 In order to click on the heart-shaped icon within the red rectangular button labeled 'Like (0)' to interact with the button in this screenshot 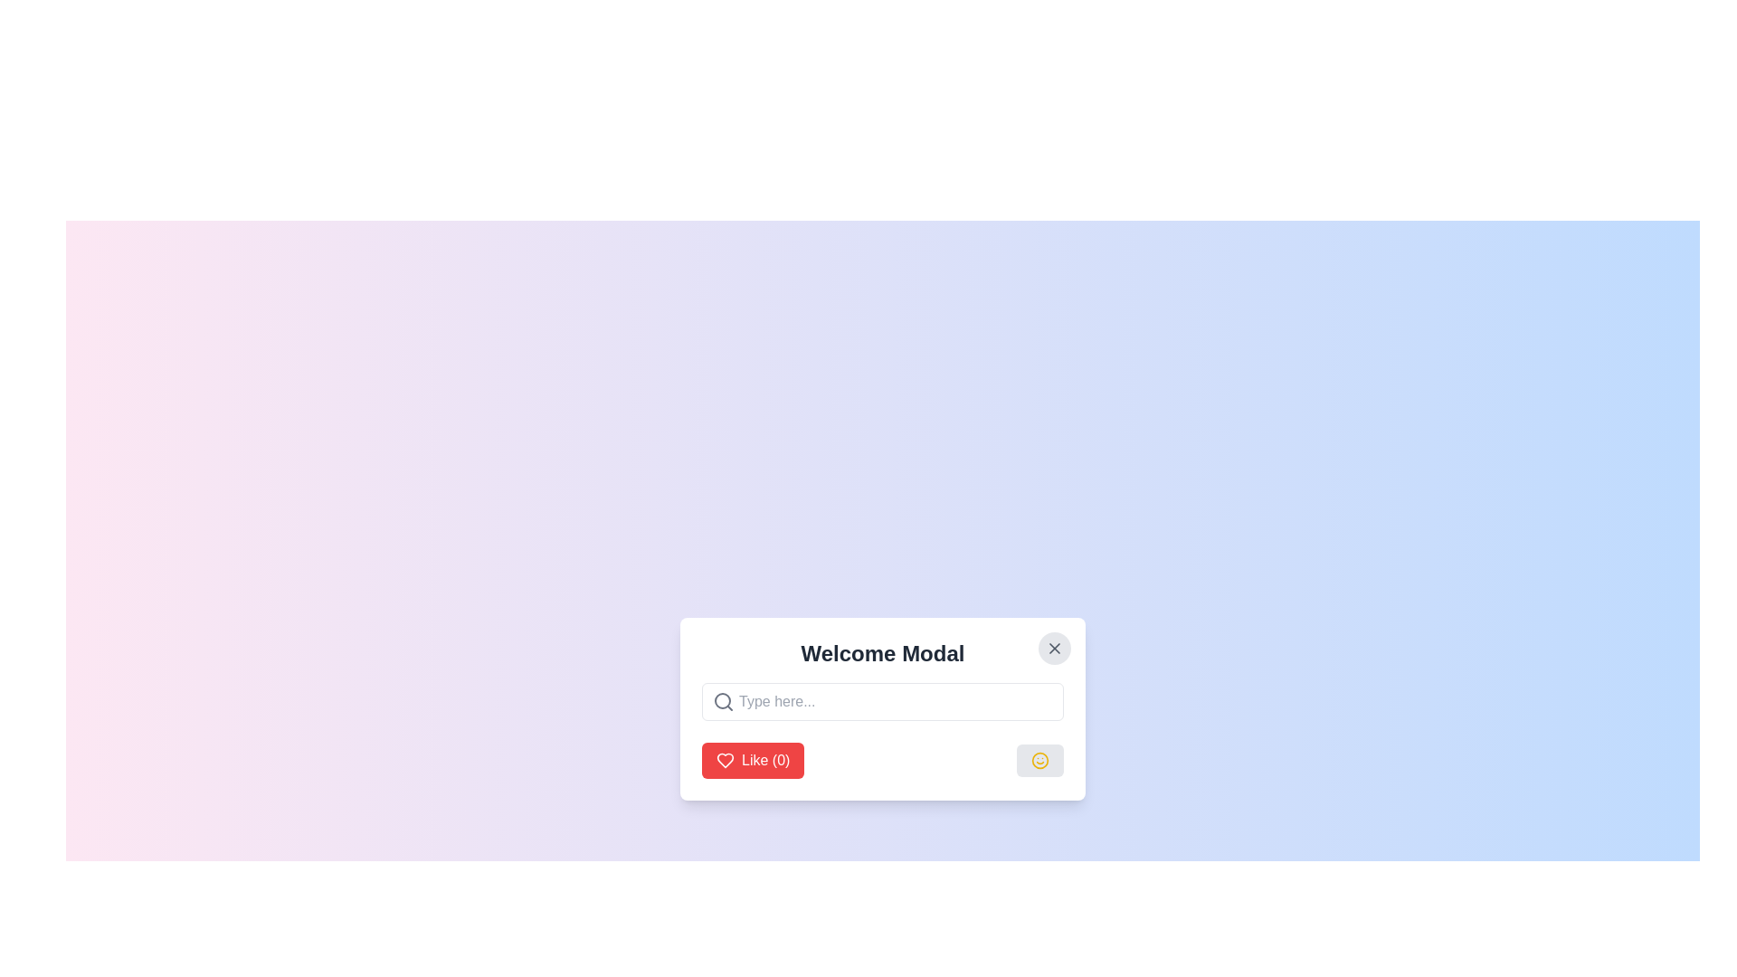, I will do `click(725, 760)`.